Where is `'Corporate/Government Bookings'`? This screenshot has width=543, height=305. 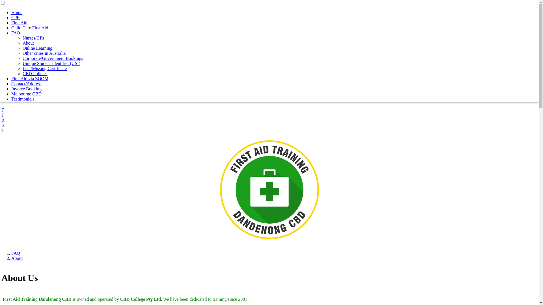 'Corporate/Government Bookings' is located at coordinates (53, 58).